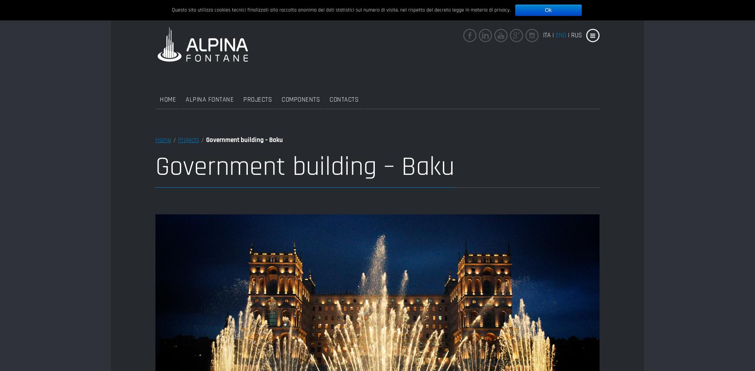  I want to click on 'Dancing Fountains', so click(355, 103).